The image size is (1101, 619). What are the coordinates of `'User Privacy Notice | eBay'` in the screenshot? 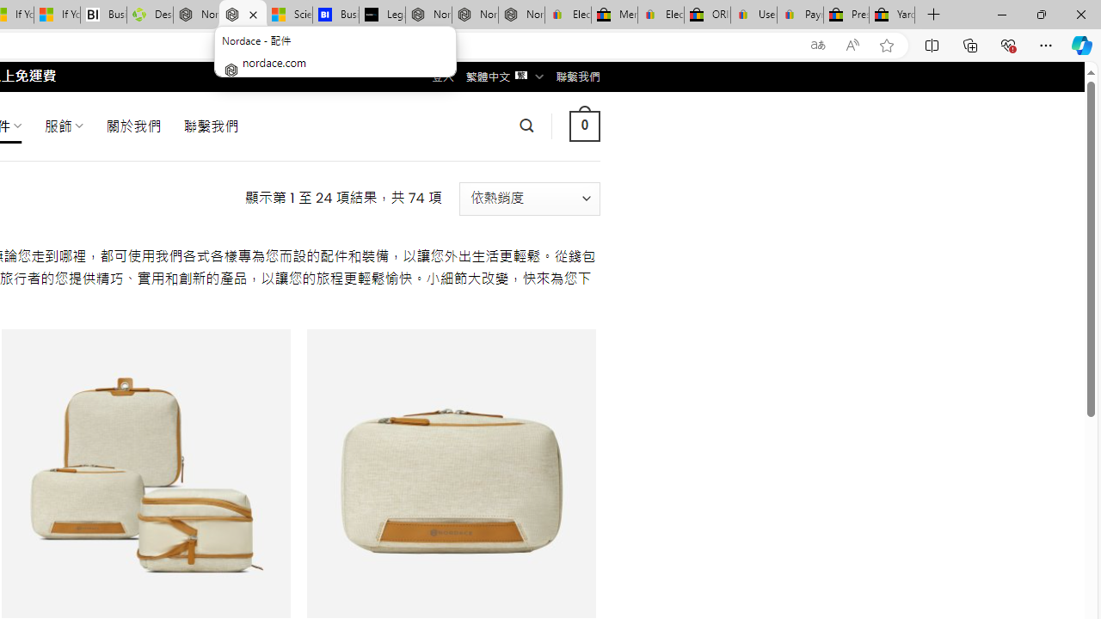 It's located at (753, 15).